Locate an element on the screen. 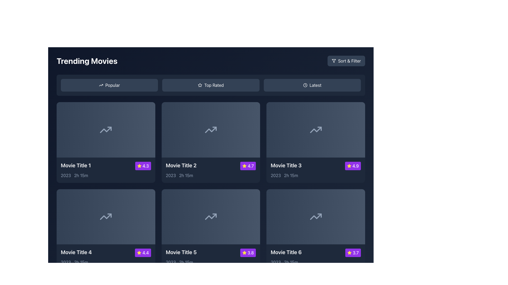 This screenshot has width=508, height=285. the static text label displaying the runtime information of 'Movie Title 1', which indicates a duration of 2 hours and 15 minutes, positioned to the right of '2023' within the card layout is located at coordinates (81, 175).